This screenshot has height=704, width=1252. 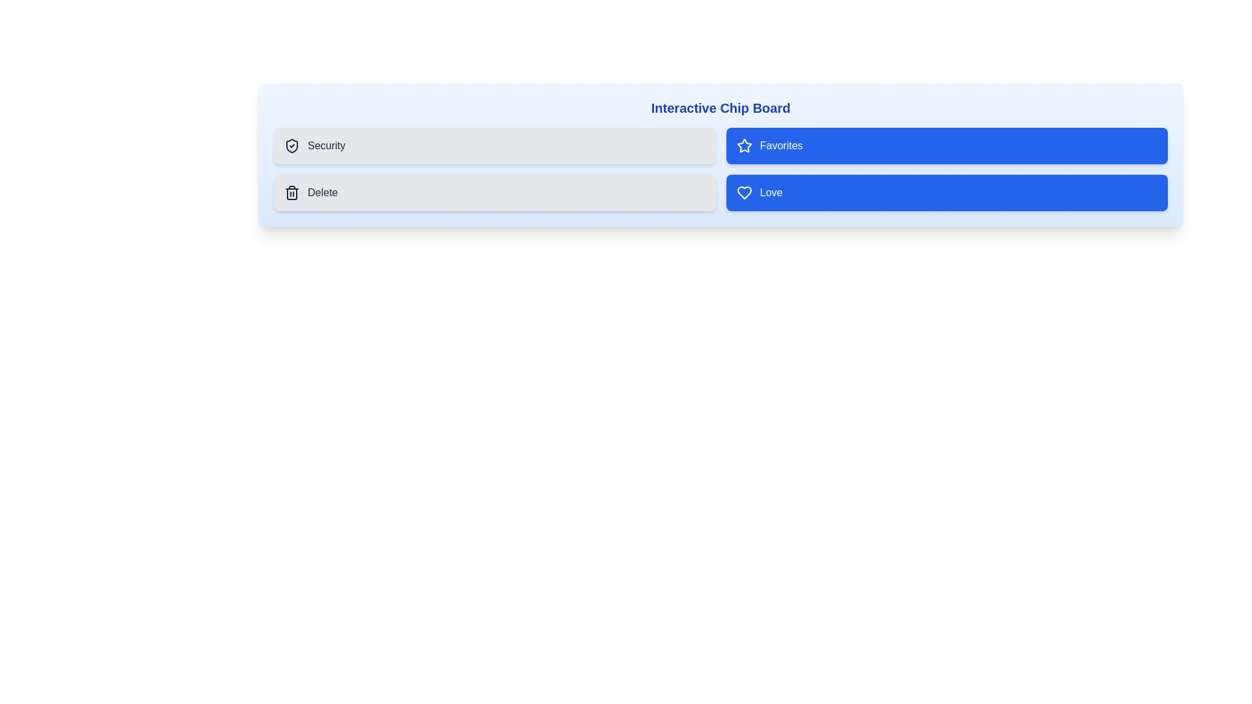 I want to click on the chip labeled Delete to observe the hover effect, so click(x=494, y=193).